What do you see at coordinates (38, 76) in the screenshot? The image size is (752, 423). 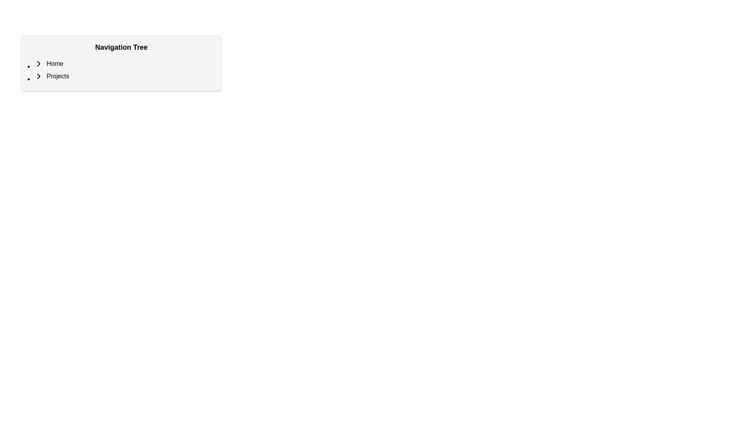 I see `the button displaying a right-facing chevron icon, which is located to the left of the 'Projects' label` at bounding box center [38, 76].